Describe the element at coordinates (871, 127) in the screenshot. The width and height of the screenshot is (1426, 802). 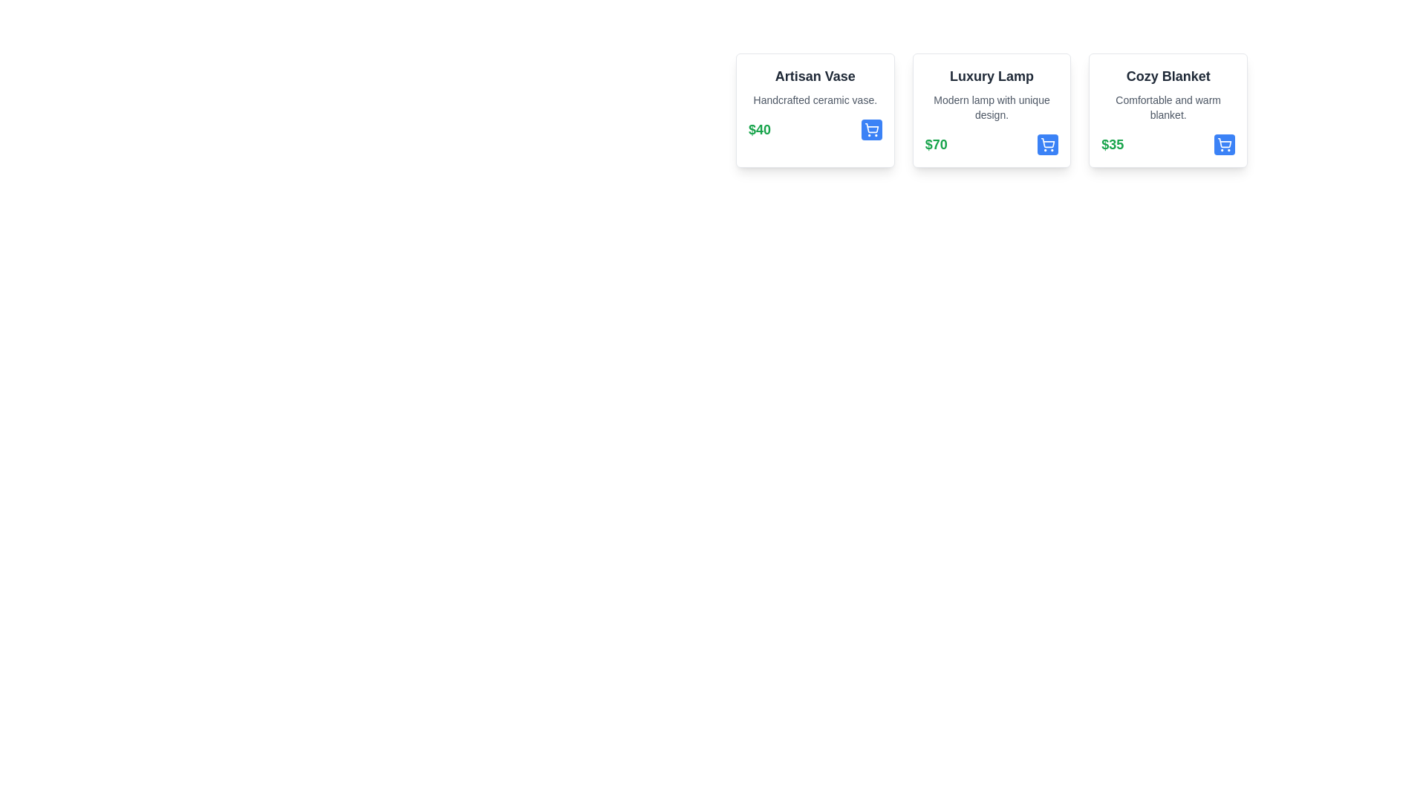
I see `the shopping cart icon vector graphic that represents adding a product to the cart, located in the Artisan Vase card, adjacent to the price label` at that location.